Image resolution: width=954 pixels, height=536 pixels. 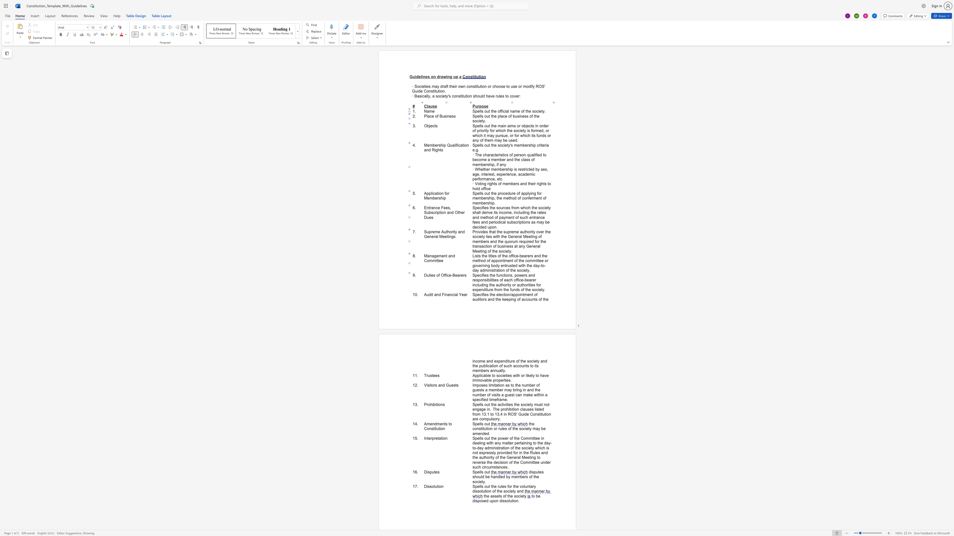 I want to click on the 1th character "b" in the text, so click(x=482, y=241).